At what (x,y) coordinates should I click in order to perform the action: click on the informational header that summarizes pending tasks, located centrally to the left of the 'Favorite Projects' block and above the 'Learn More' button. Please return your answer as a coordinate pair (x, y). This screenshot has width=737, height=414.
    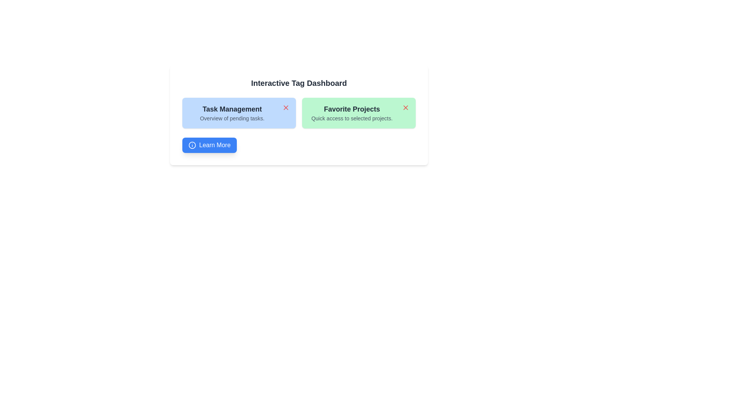
    Looking at the image, I should click on (231, 113).